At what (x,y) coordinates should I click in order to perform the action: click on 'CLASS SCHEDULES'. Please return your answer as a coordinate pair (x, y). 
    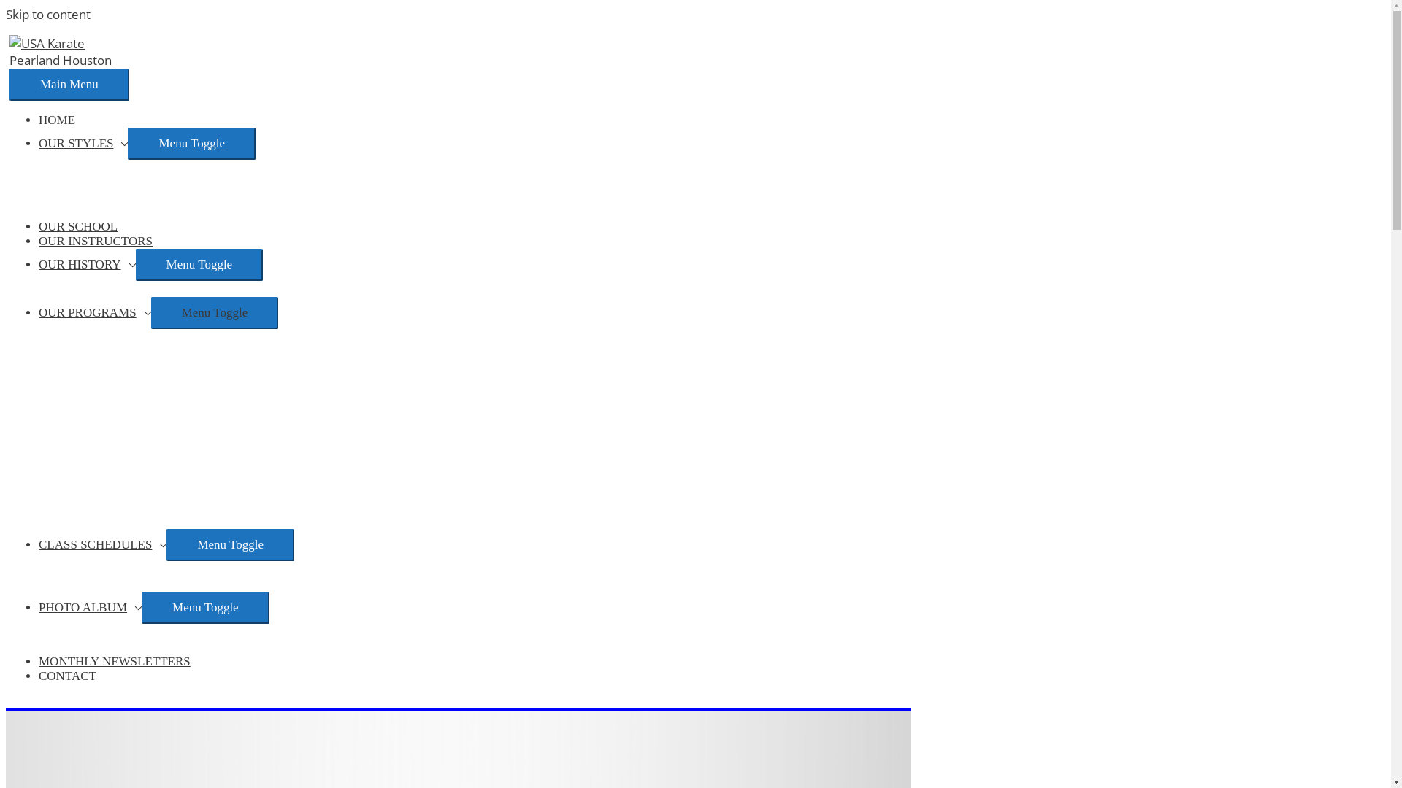
    Looking at the image, I should click on (101, 544).